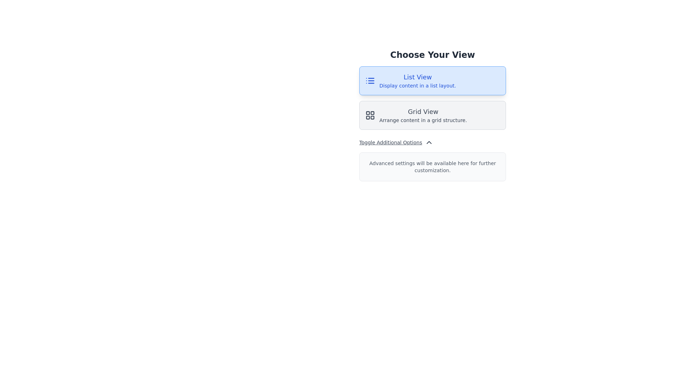 This screenshot has height=381, width=677. Describe the element at coordinates (423, 111) in the screenshot. I see `the 'Grid View' label that indicates the selection option for arranging content in a grid format` at that location.